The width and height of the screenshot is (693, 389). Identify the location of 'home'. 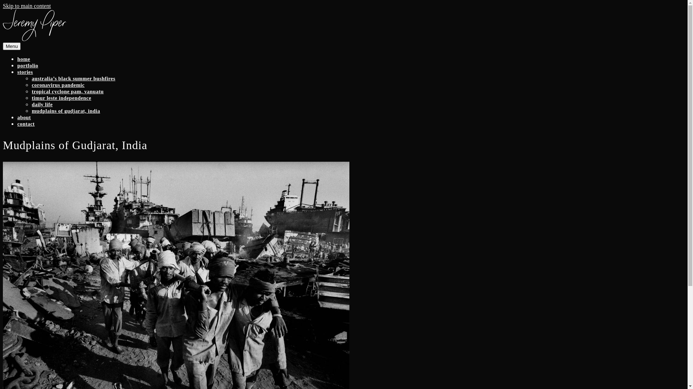
(24, 59).